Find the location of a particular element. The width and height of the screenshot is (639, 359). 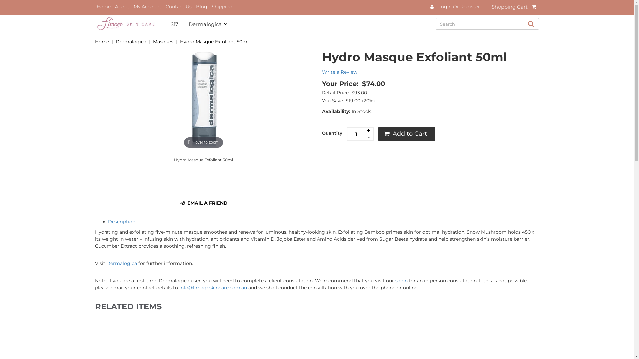

'Home' is located at coordinates (94, 6).